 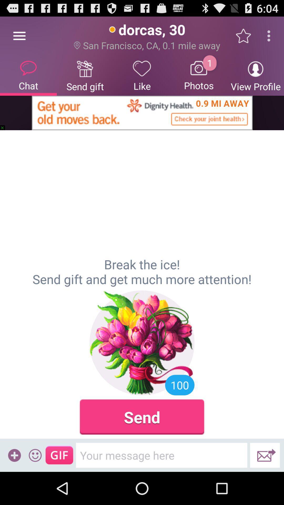 What do you see at coordinates (14, 487) in the screenshot?
I see `the add icon` at bounding box center [14, 487].